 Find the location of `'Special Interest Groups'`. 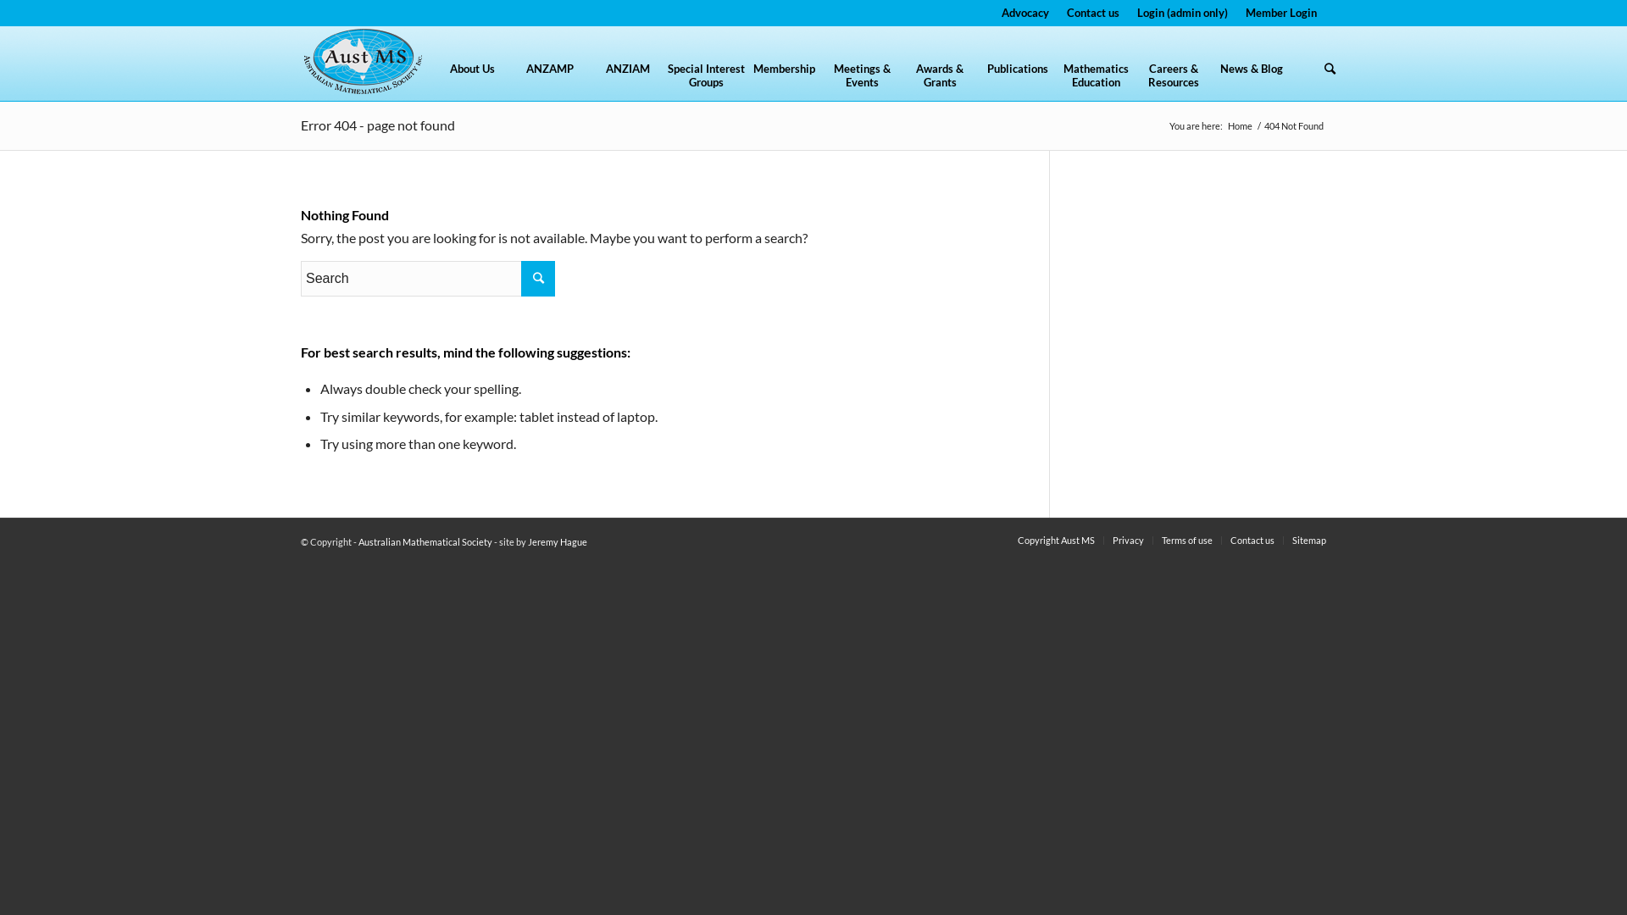

'Special Interest Groups' is located at coordinates (706, 80).